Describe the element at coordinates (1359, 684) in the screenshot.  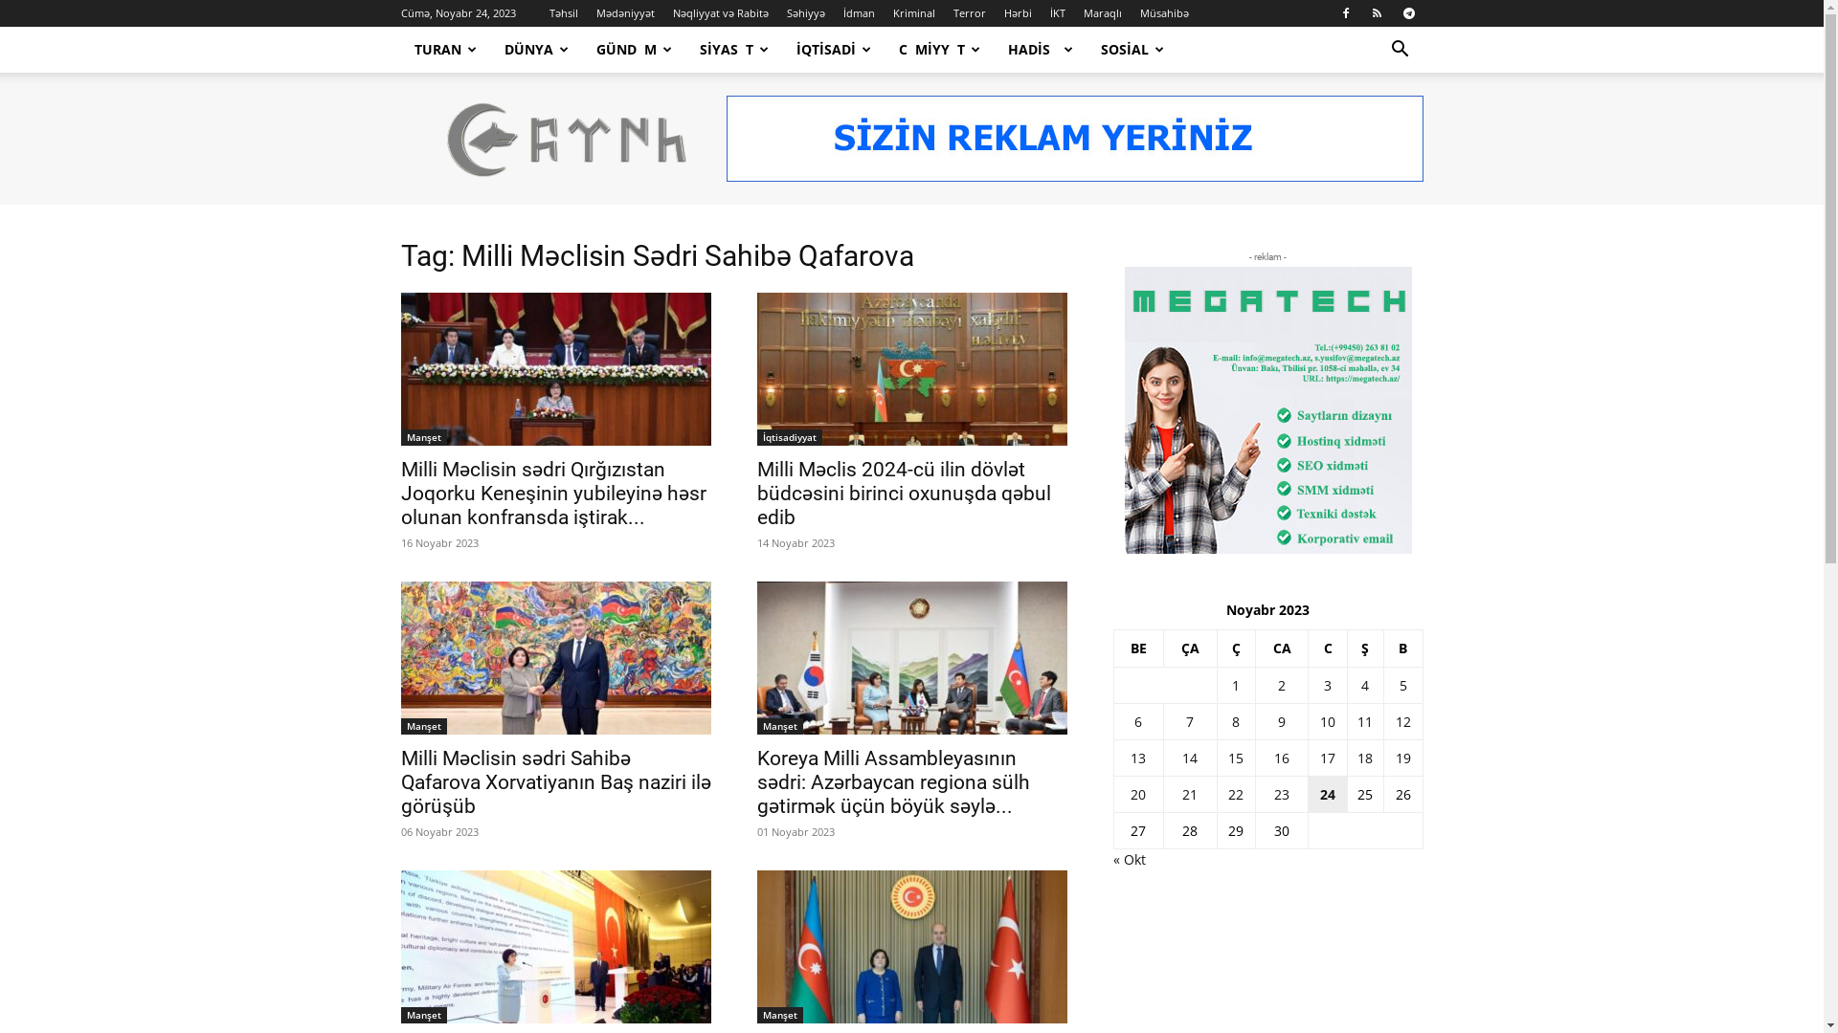
I see `'4'` at that location.